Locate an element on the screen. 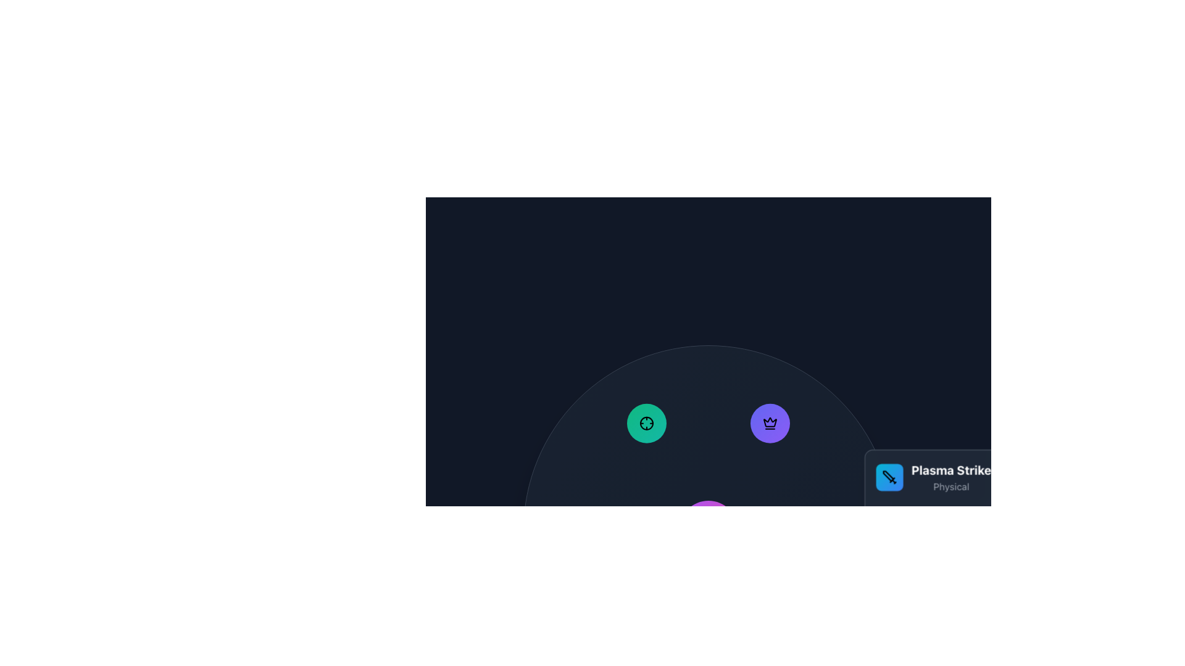 This screenshot has height=666, width=1185. the Icon button associated with the 'Plasma Strike' feature is located at coordinates (889, 477).